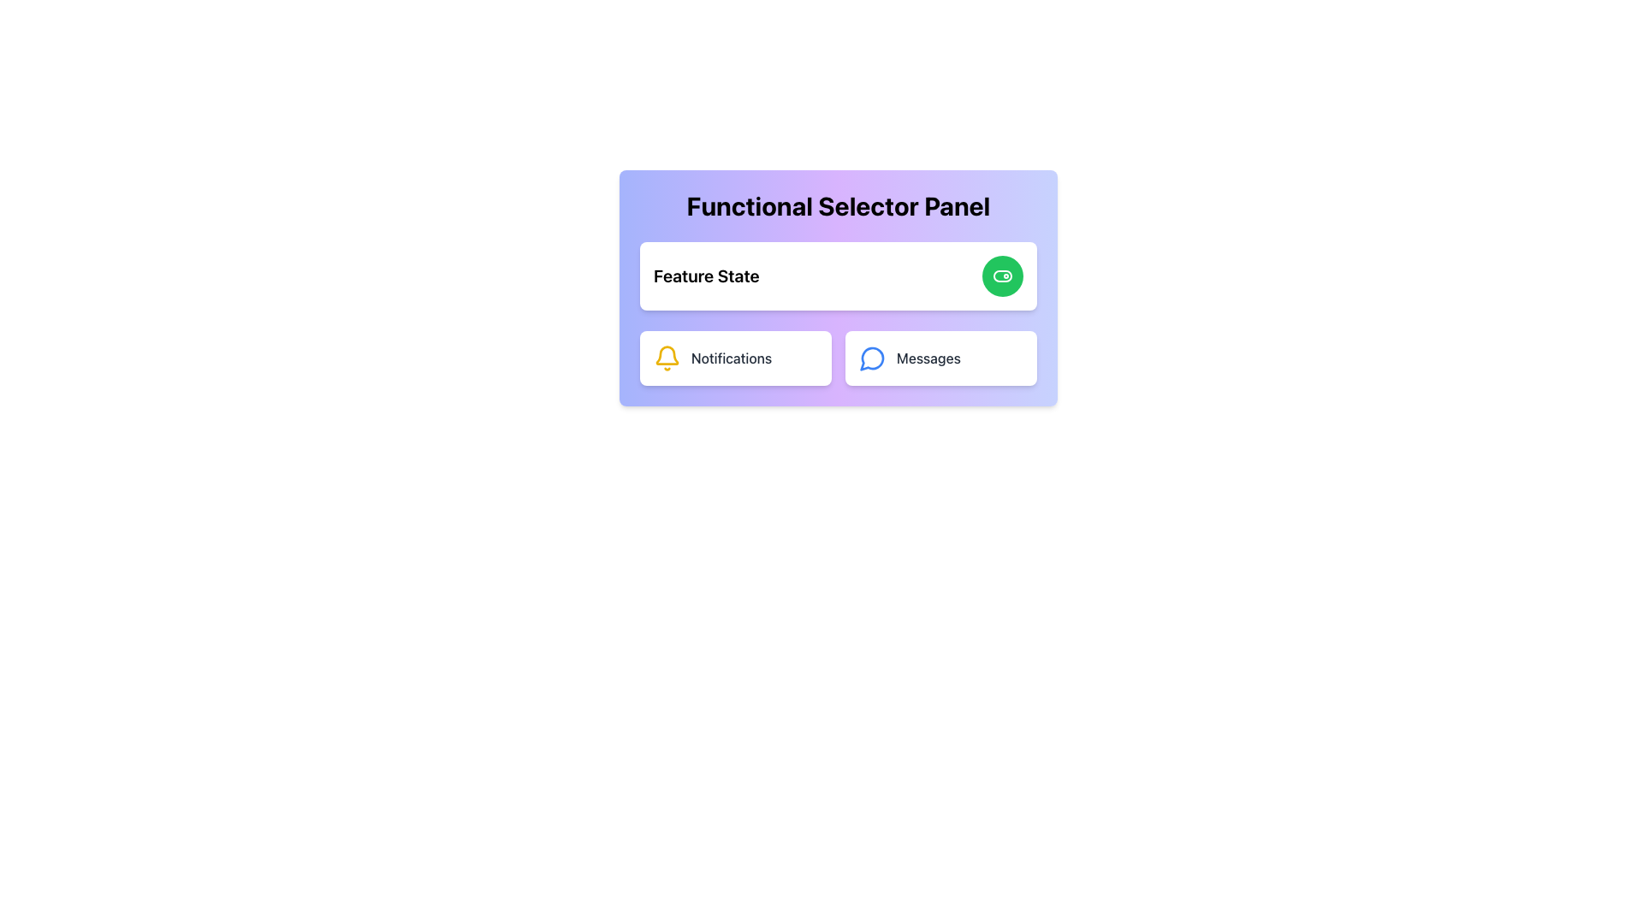 The width and height of the screenshot is (1643, 924). What do you see at coordinates (1002, 275) in the screenshot?
I see `the background shape of the toggle switch, which is centrally positioned behind the toggle knob and located in the top-right of the 'Feature State' section` at bounding box center [1002, 275].